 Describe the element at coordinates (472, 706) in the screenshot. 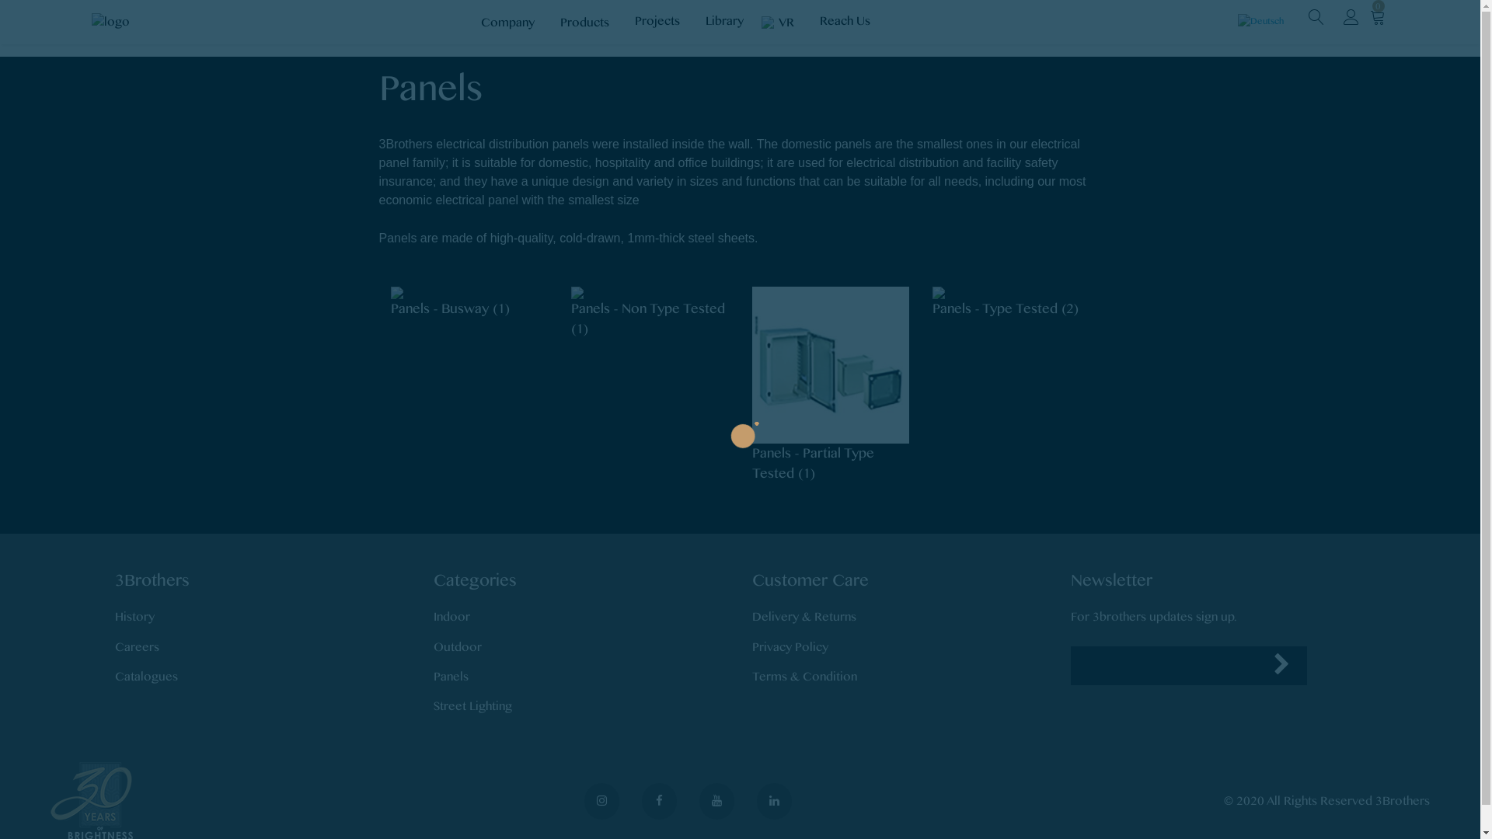

I see `'Street Lighting'` at that location.